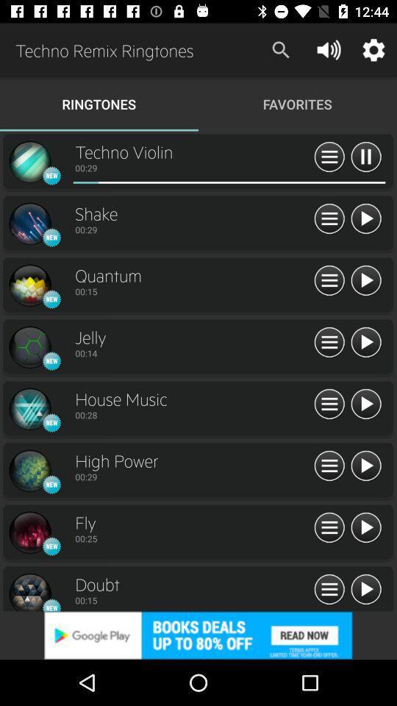 This screenshot has height=706, width=397. I want to click on ringtone, so click(365, 343).